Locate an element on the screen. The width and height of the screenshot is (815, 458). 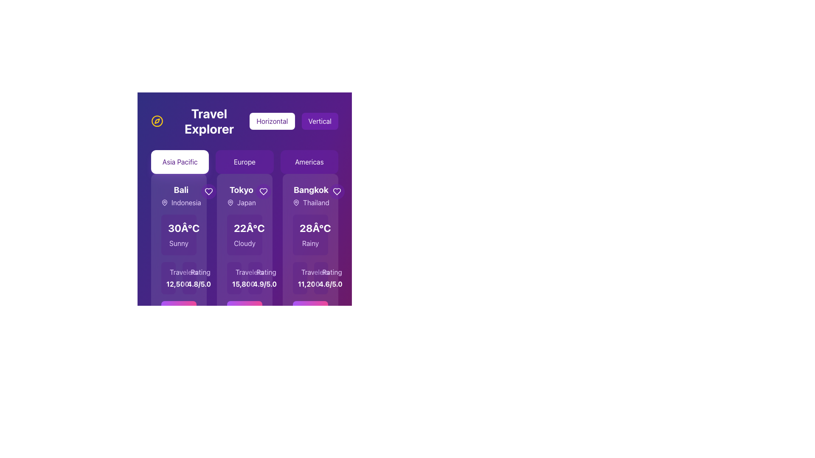
the text displaying '22°C' in bold, white font, located in the 'Tokyo' section above the 'Cloudy' text entry is located at coordinates (244, 227).